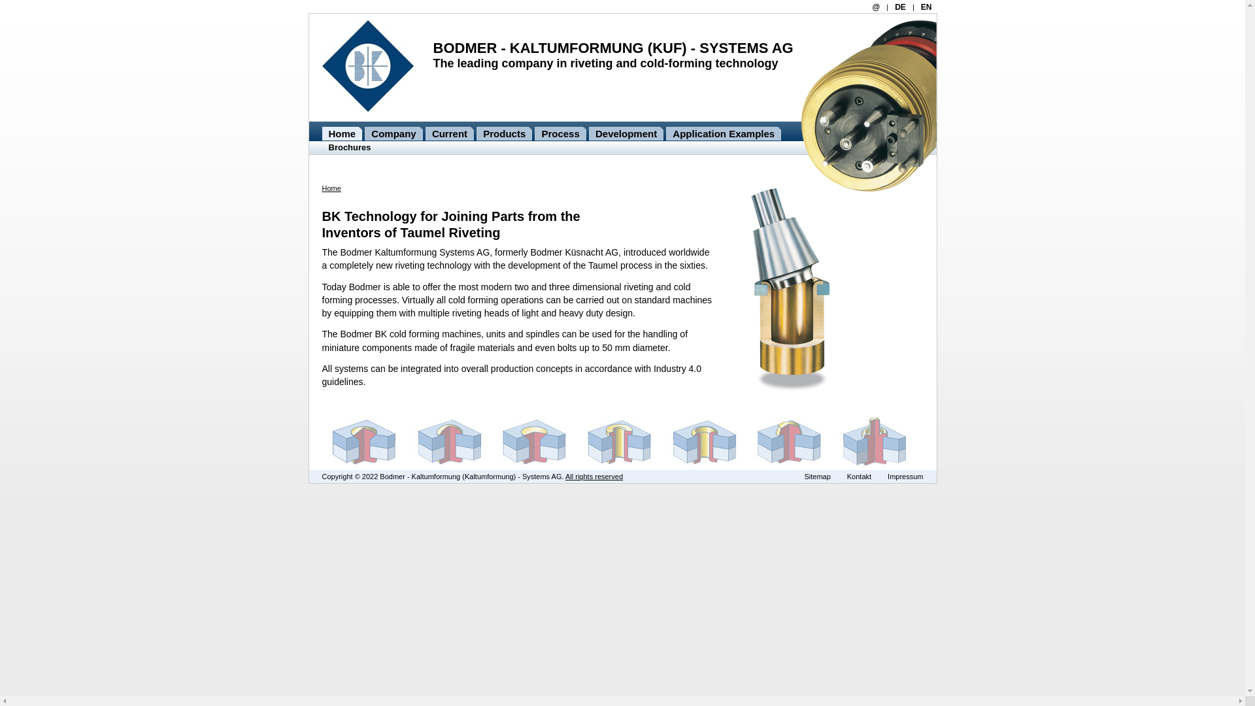  Describe the element at coordinates (560, 133) in the screenshot. I see `'Process'` at that location.